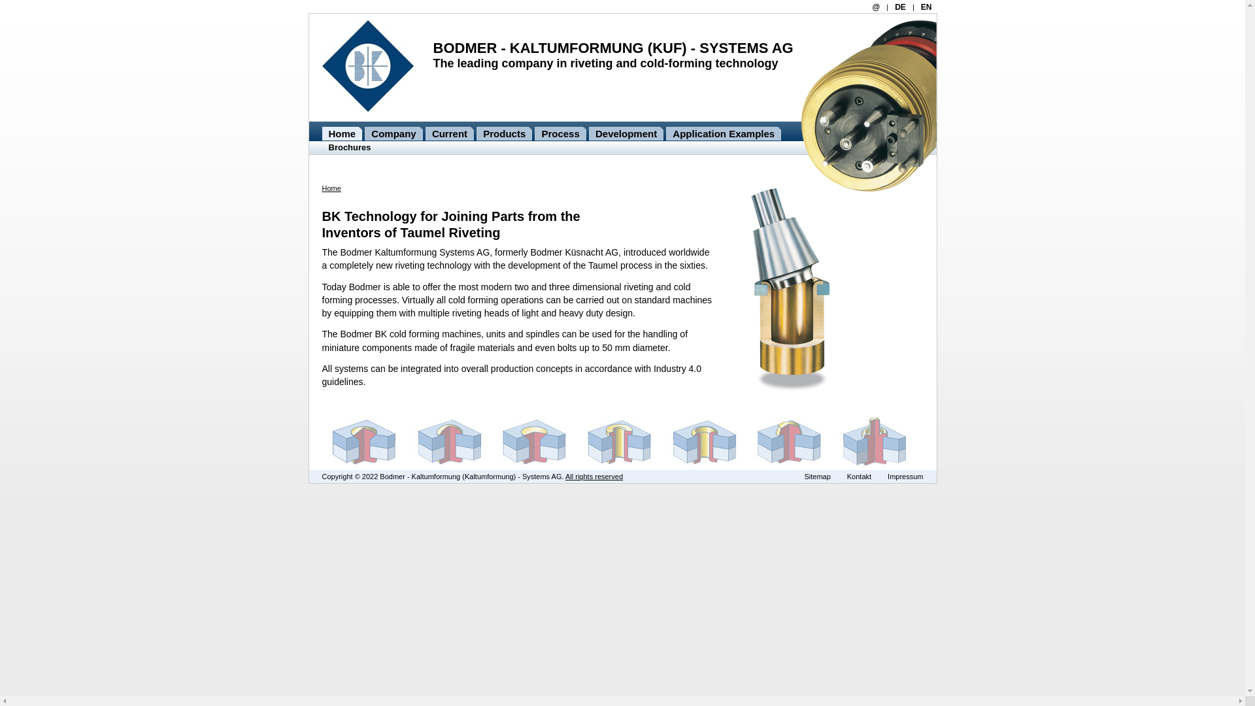  Describe the element at coordinates (560, 133) in the screenshot. I see `'Process'` at that location.